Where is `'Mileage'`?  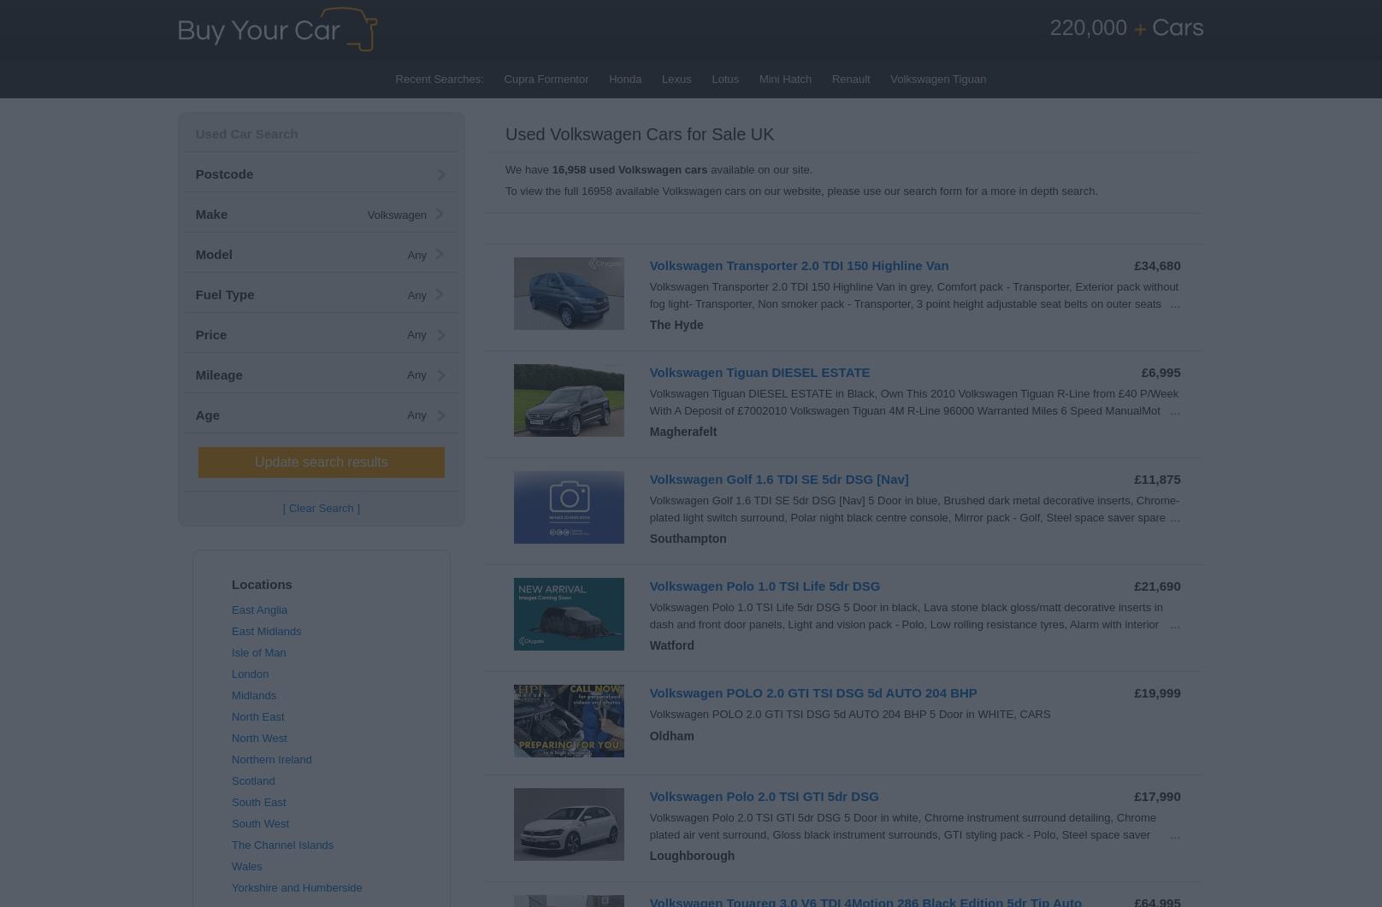
'Mileage' is located at coordinates (218, 374).